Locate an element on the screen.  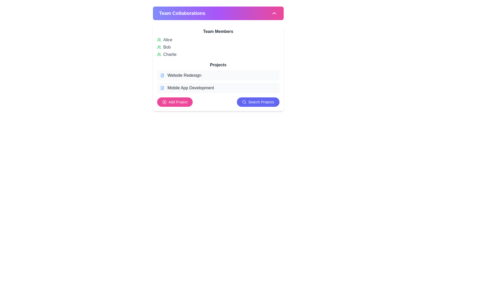
the document icon (SVG) located in the 'Projects' section, adjacent to the text 'Website Redesign' is located at coordinates (162, 75).